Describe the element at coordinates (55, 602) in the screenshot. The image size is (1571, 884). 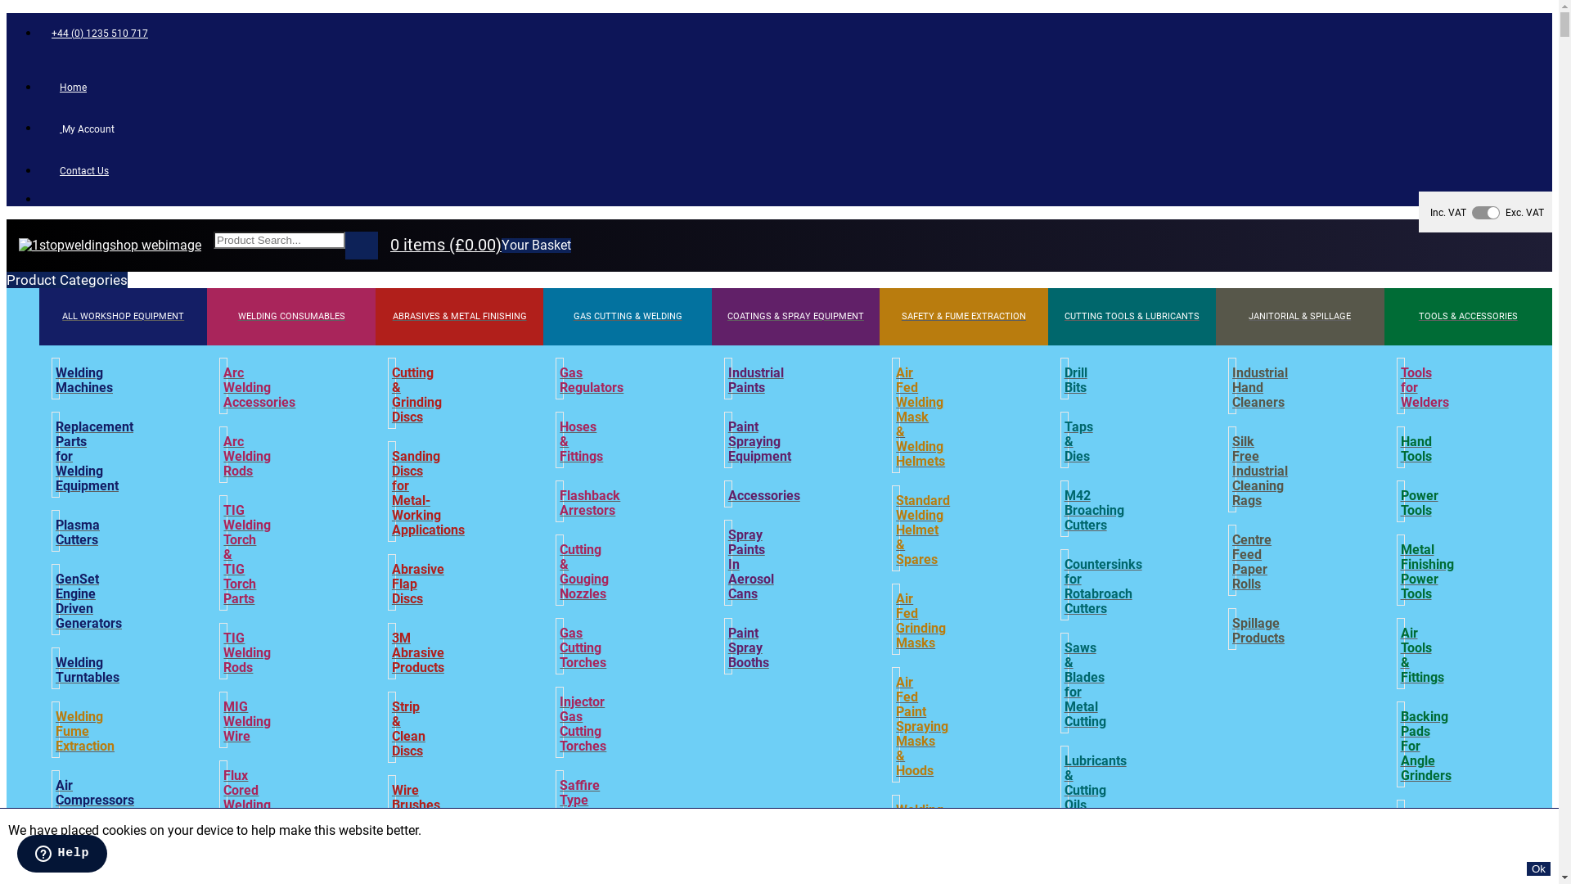
I see `'GenSet Engine Driven Generators'` at that location.